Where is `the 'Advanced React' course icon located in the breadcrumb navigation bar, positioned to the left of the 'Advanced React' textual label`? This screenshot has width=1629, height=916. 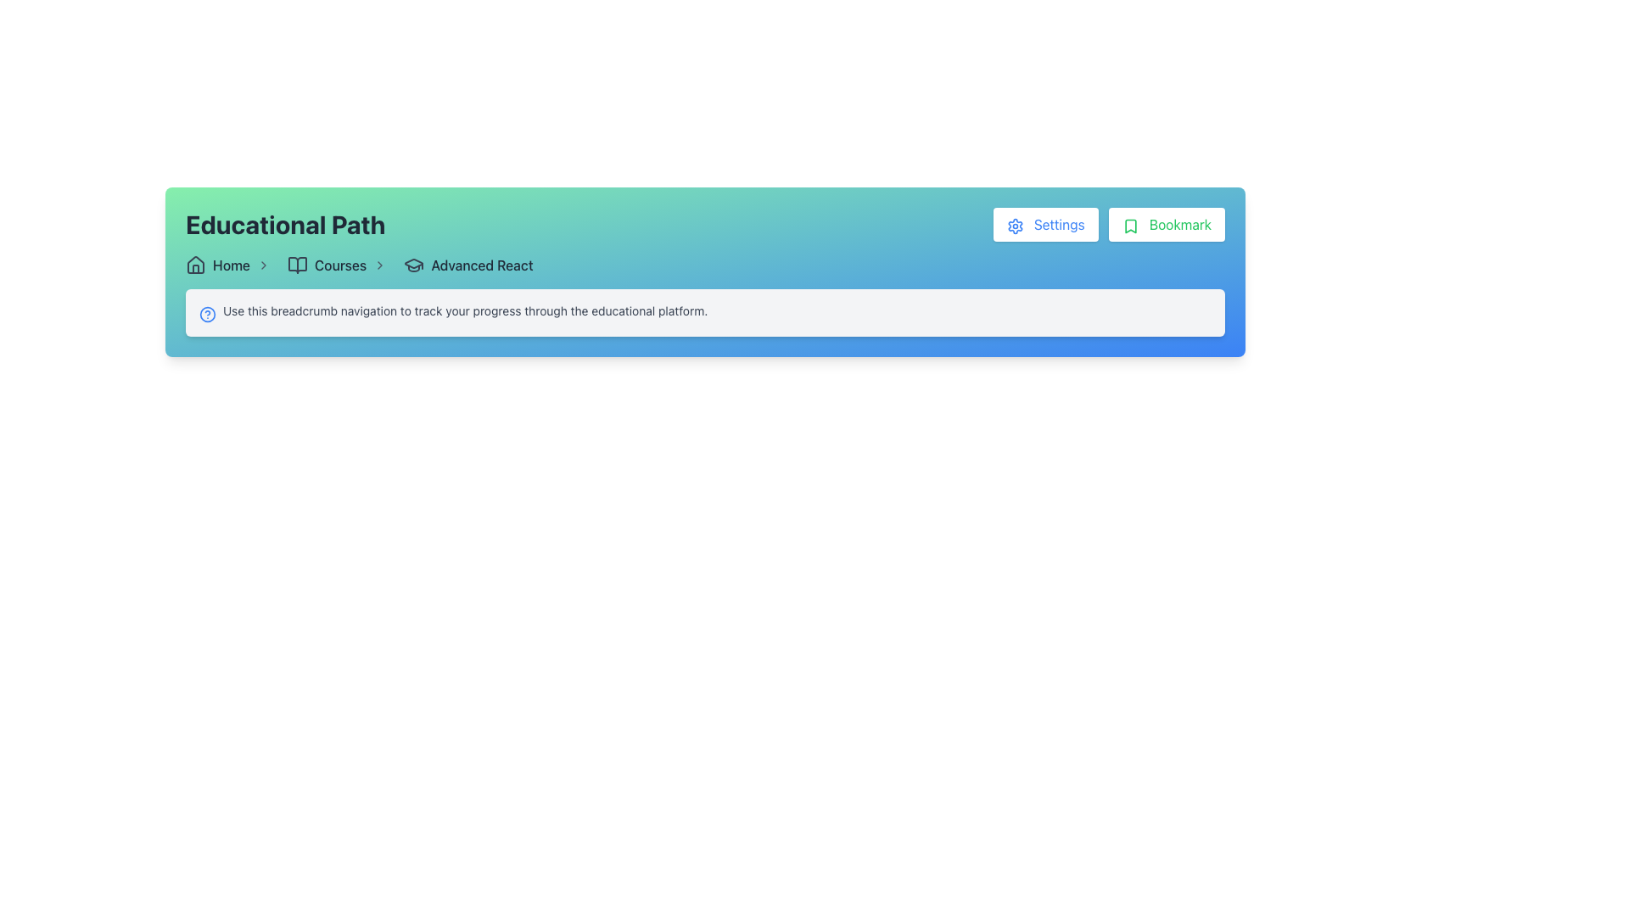
the 'Advanced React' course icon located in the breadcrumb navigation bar, positioned to the left of the 'Advanced React' textual label is located at coordinates (414, 265).